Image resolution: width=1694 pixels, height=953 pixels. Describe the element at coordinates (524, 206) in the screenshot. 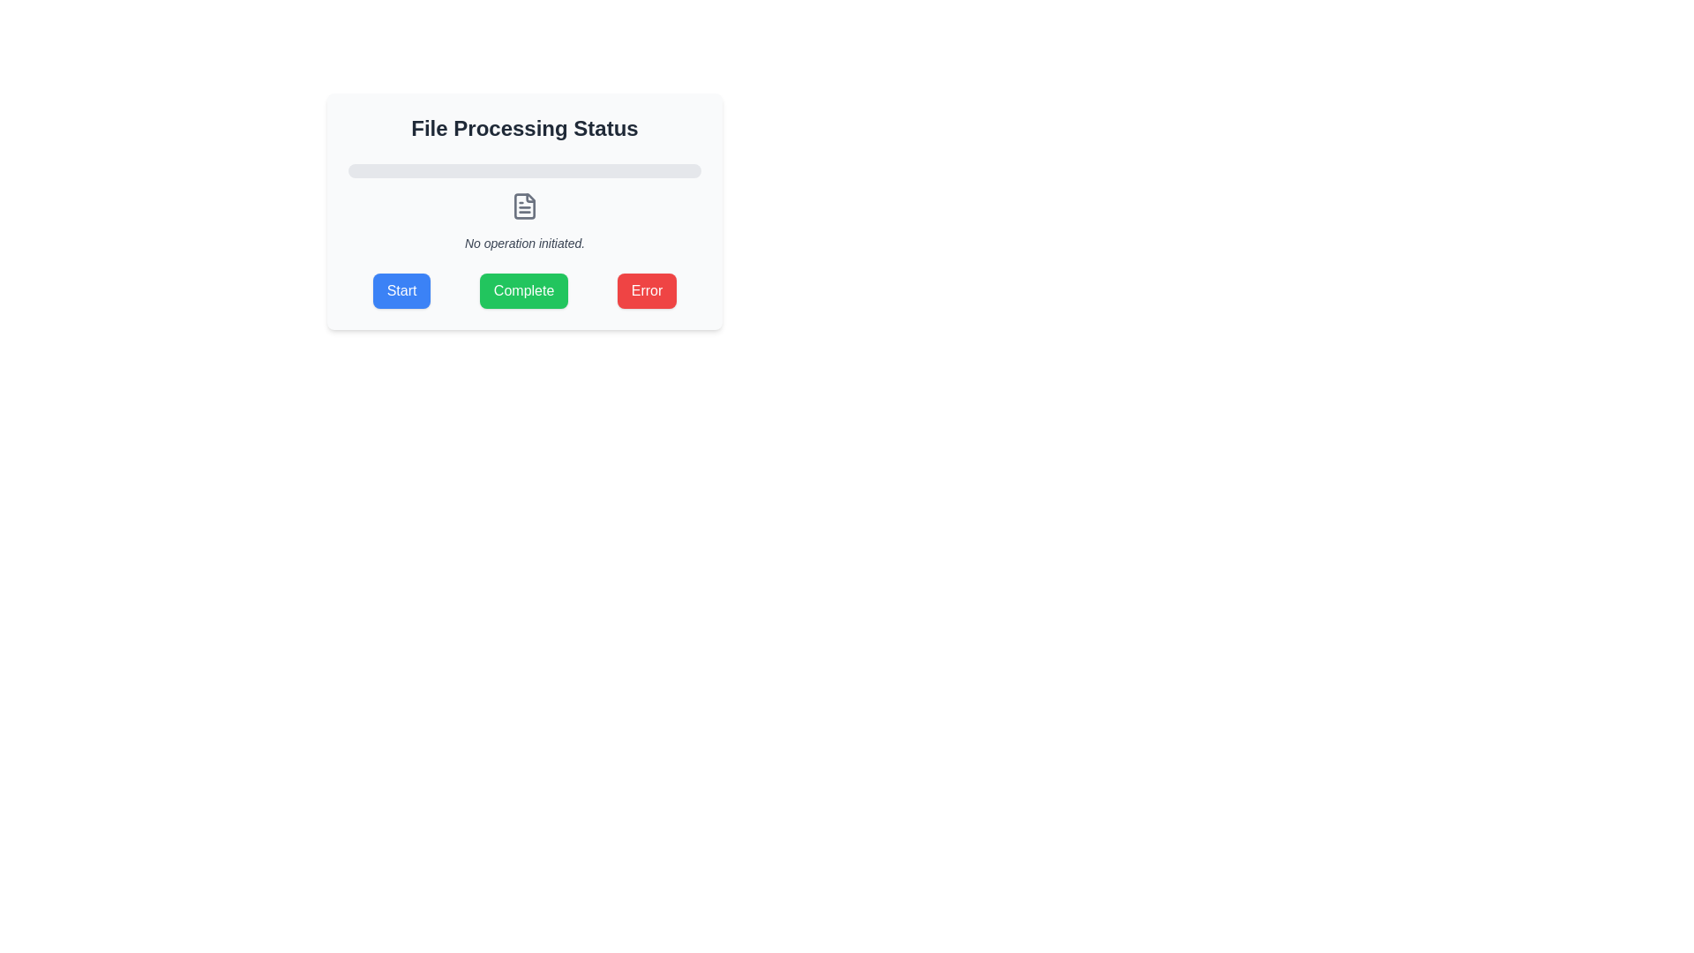

I see `the small gray document icon located centrally in the interface, positioned between the progress bar and the message 'No operation initiated.'` at that location.